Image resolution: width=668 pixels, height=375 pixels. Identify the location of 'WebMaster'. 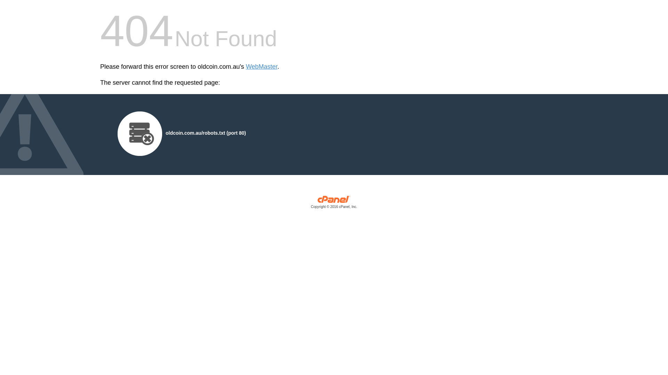
(246, 67).